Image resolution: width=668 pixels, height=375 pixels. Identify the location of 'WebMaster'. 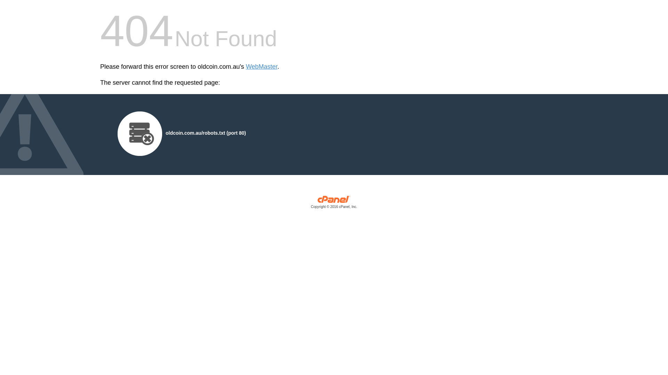
(246, 67).